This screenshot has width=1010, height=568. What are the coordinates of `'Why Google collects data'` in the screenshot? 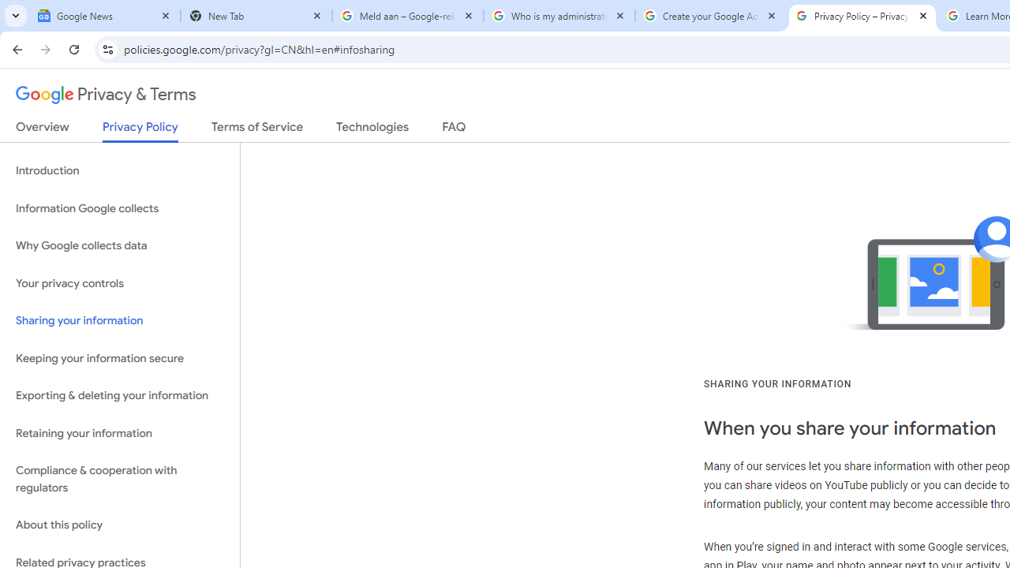 It's located at (119, 246).